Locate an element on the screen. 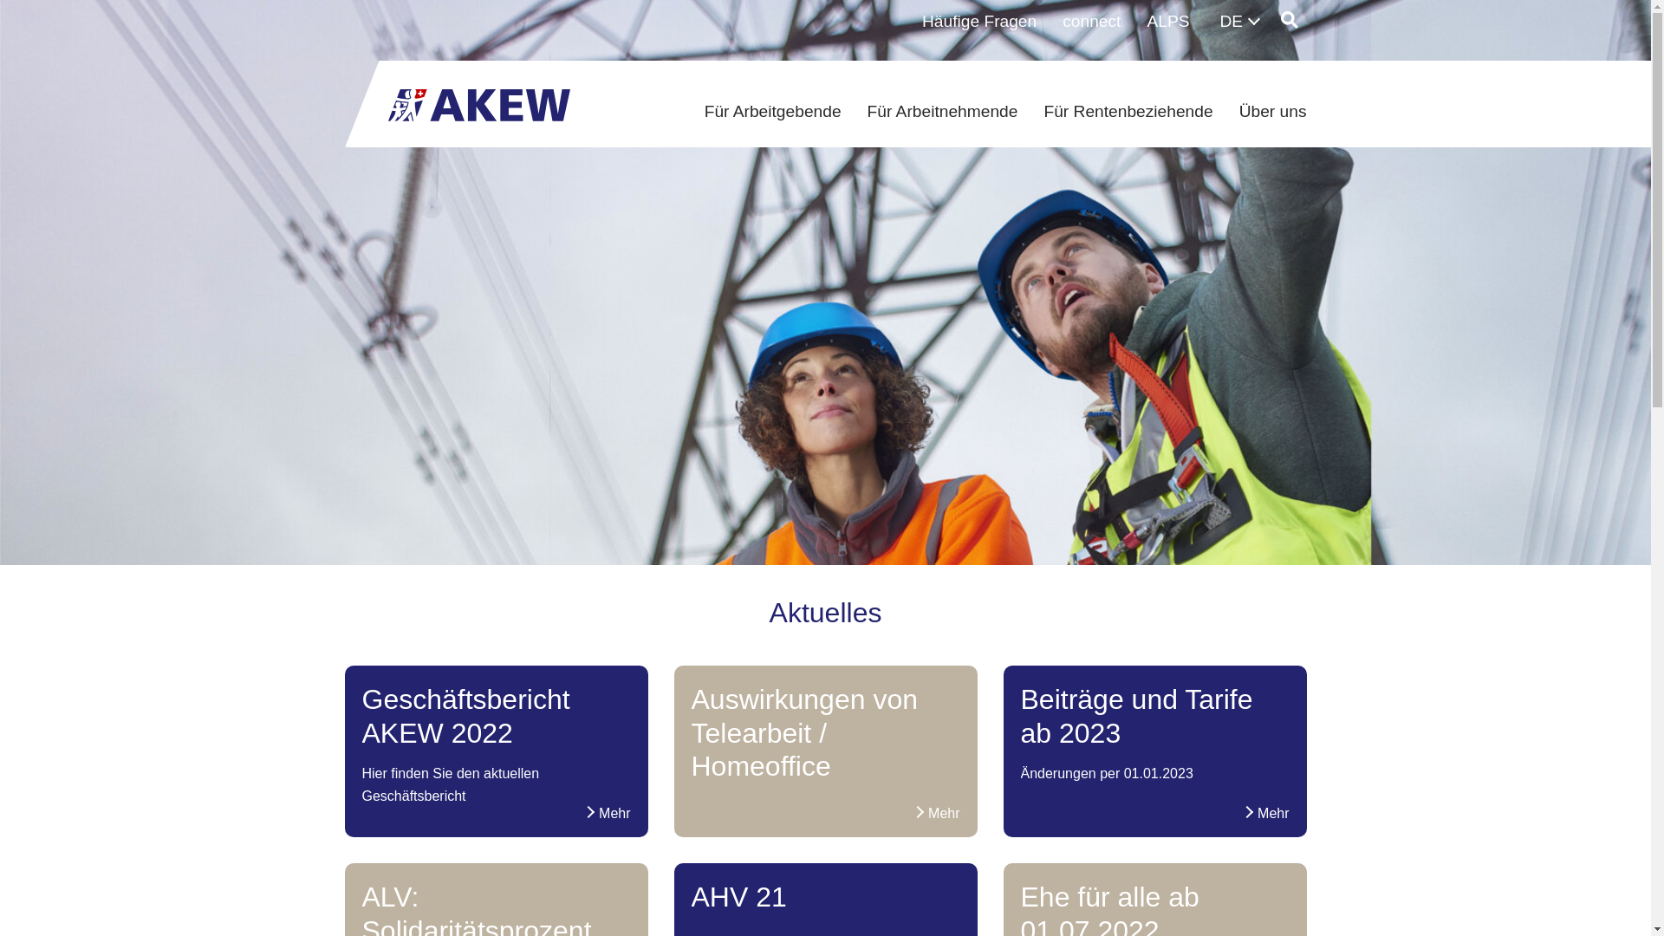 The width and height of the screenshot is (1664, 936). 'Auswirkungen von Telearbeit / Homeoffice is located at coordinates (825, 738).